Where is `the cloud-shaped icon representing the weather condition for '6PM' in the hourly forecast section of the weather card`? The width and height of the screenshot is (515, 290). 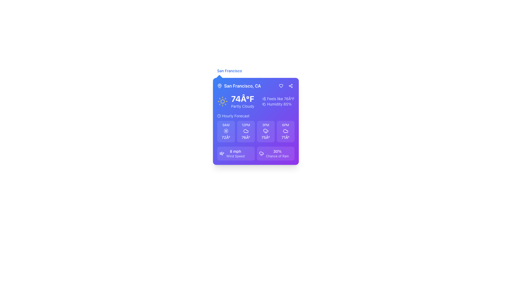
the cloud-shaped icon representing the weather condition for '6PM' in the hourly forecast section of the weather card is located at coordinates (285, 131).